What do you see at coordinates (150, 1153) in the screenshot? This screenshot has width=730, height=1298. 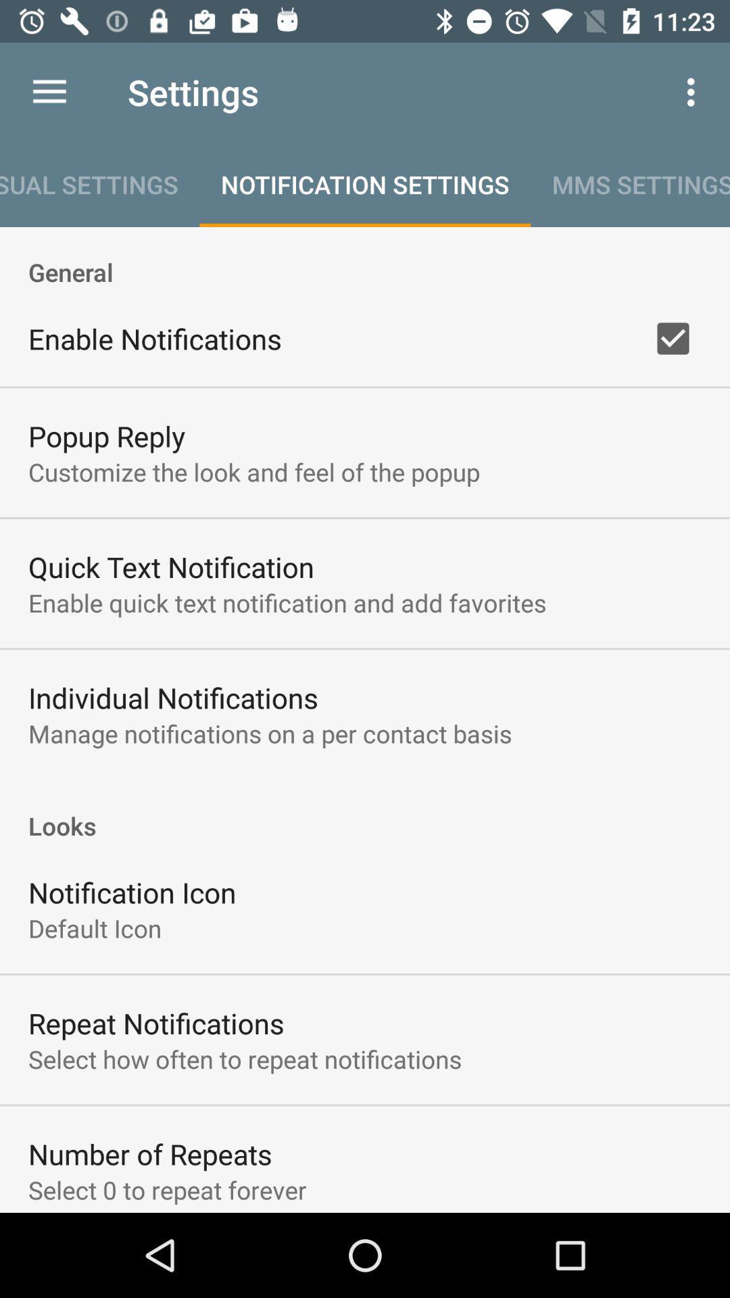 I see `the icon above select 0 to` at bounding box center [150, 1153].